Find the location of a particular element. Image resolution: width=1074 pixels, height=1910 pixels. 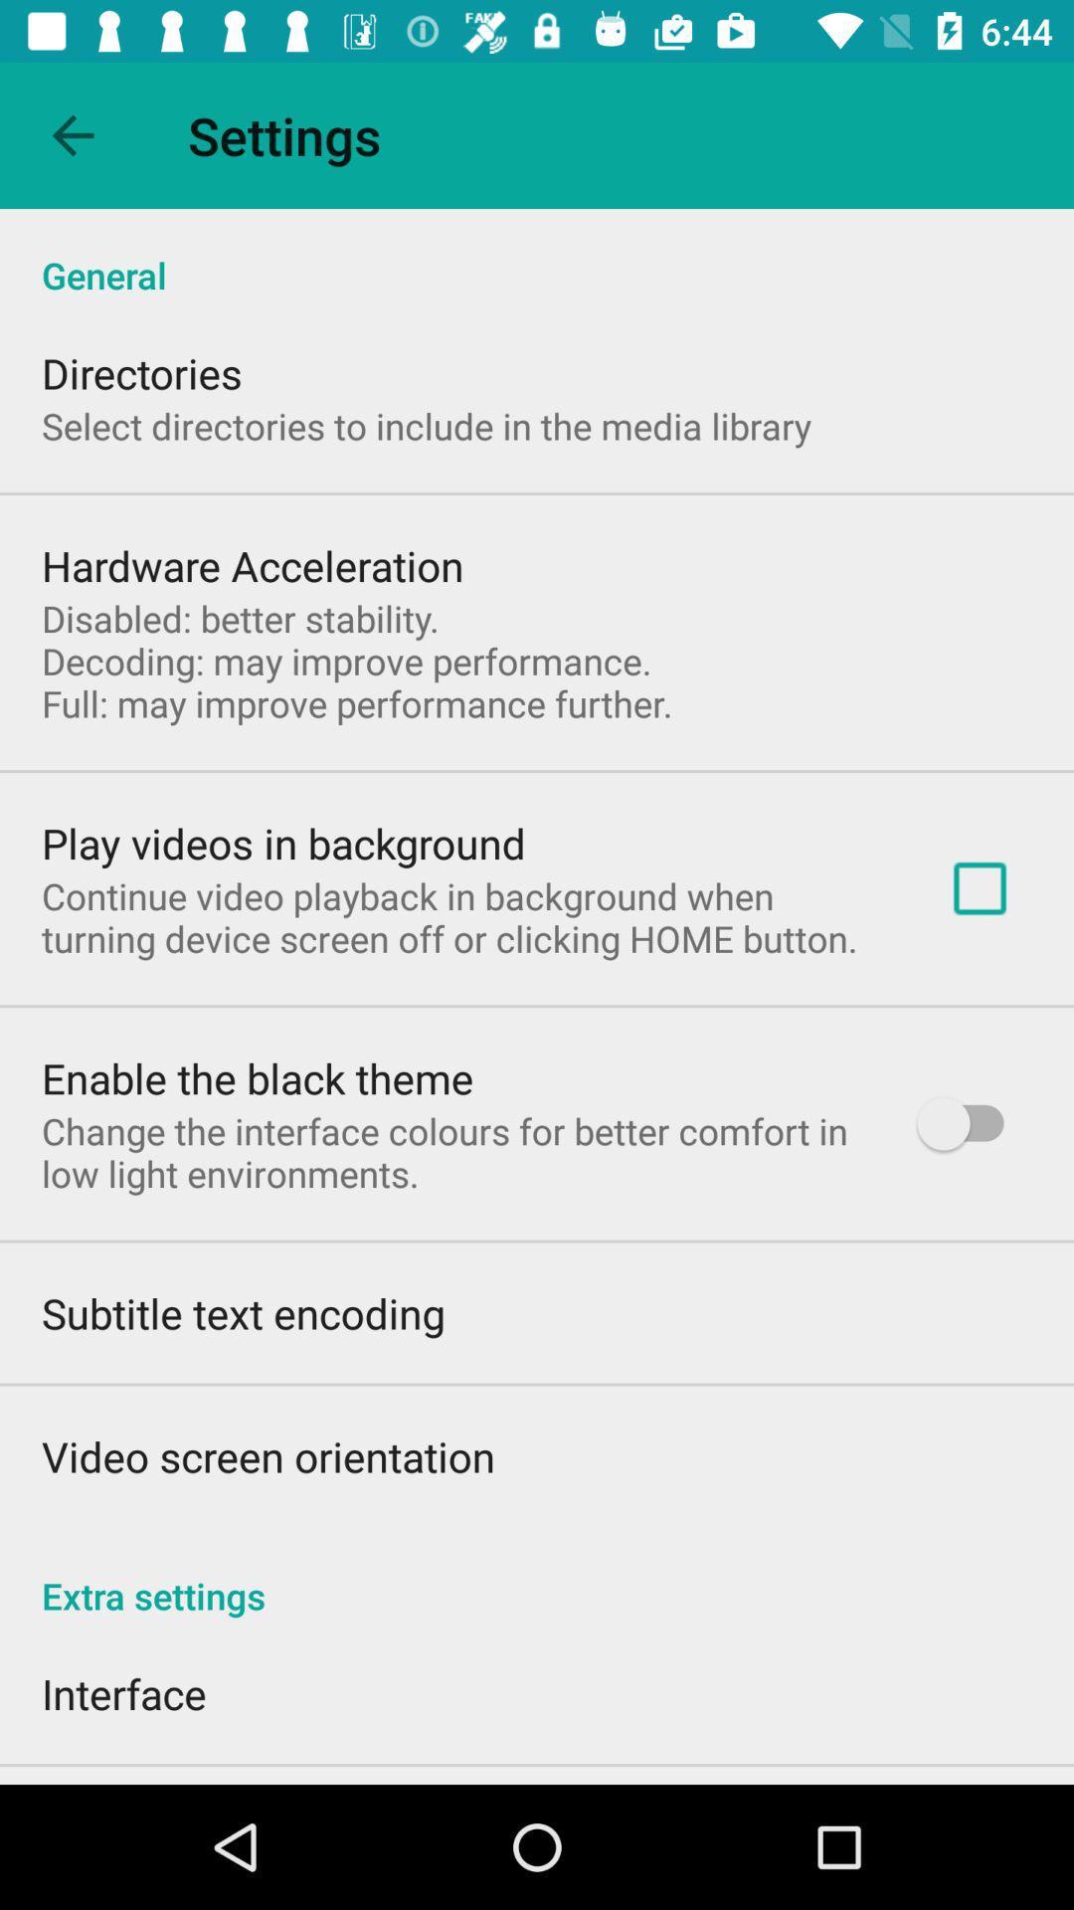

icon below the play videos in is located at coordinates (463, 916).